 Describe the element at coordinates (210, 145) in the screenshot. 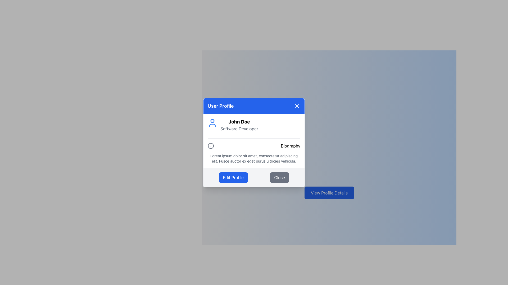

I see `the informational icon located to the left of the 'Biography' text within the profile card layout` at that location.